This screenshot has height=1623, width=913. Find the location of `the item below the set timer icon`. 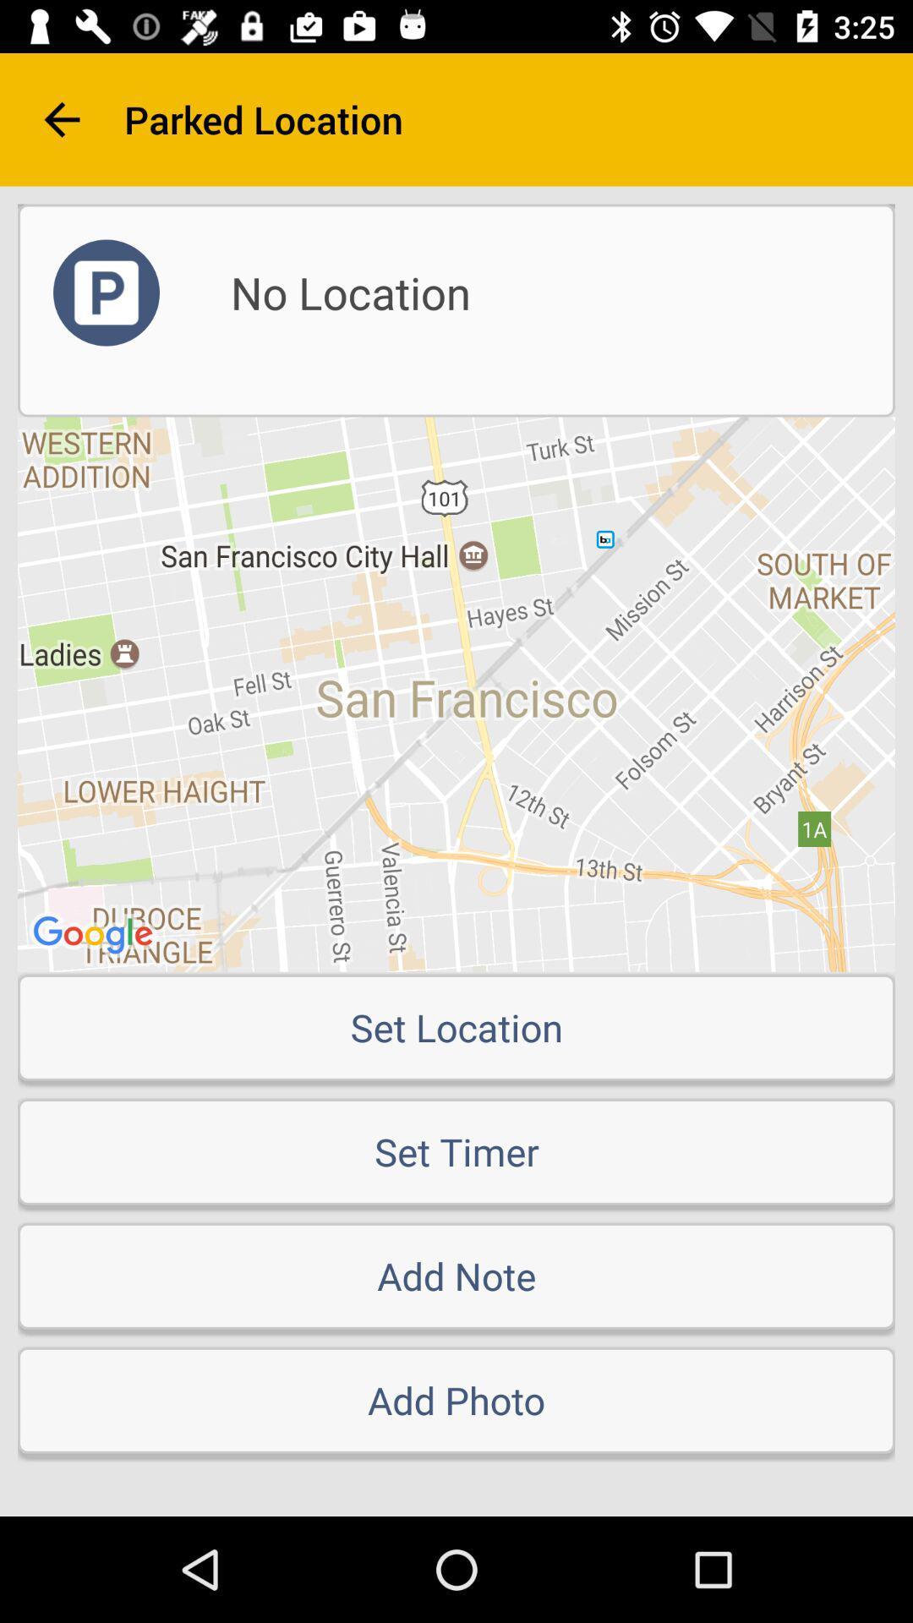

the item below the set timer icon is located at coordinates (456, 1276).